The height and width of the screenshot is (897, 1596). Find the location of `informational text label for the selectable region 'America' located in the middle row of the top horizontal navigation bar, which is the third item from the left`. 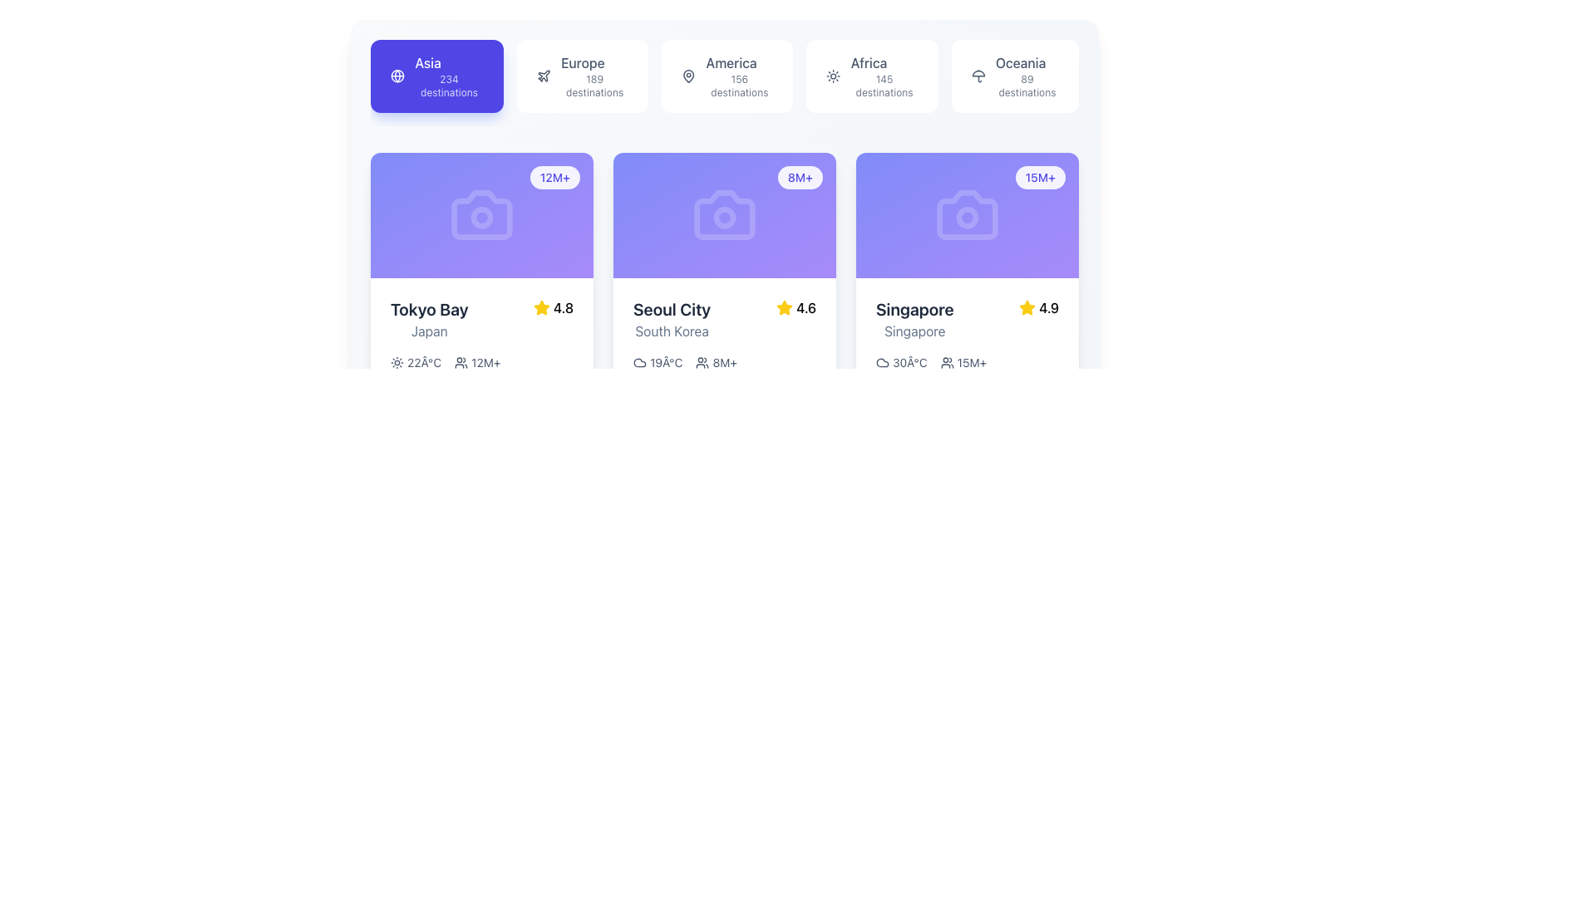

informational text label for the selectable region 'America' located in the middle row of the top horizontal navigation bar, which is the third item from the left is located at coordinates (738, 76).